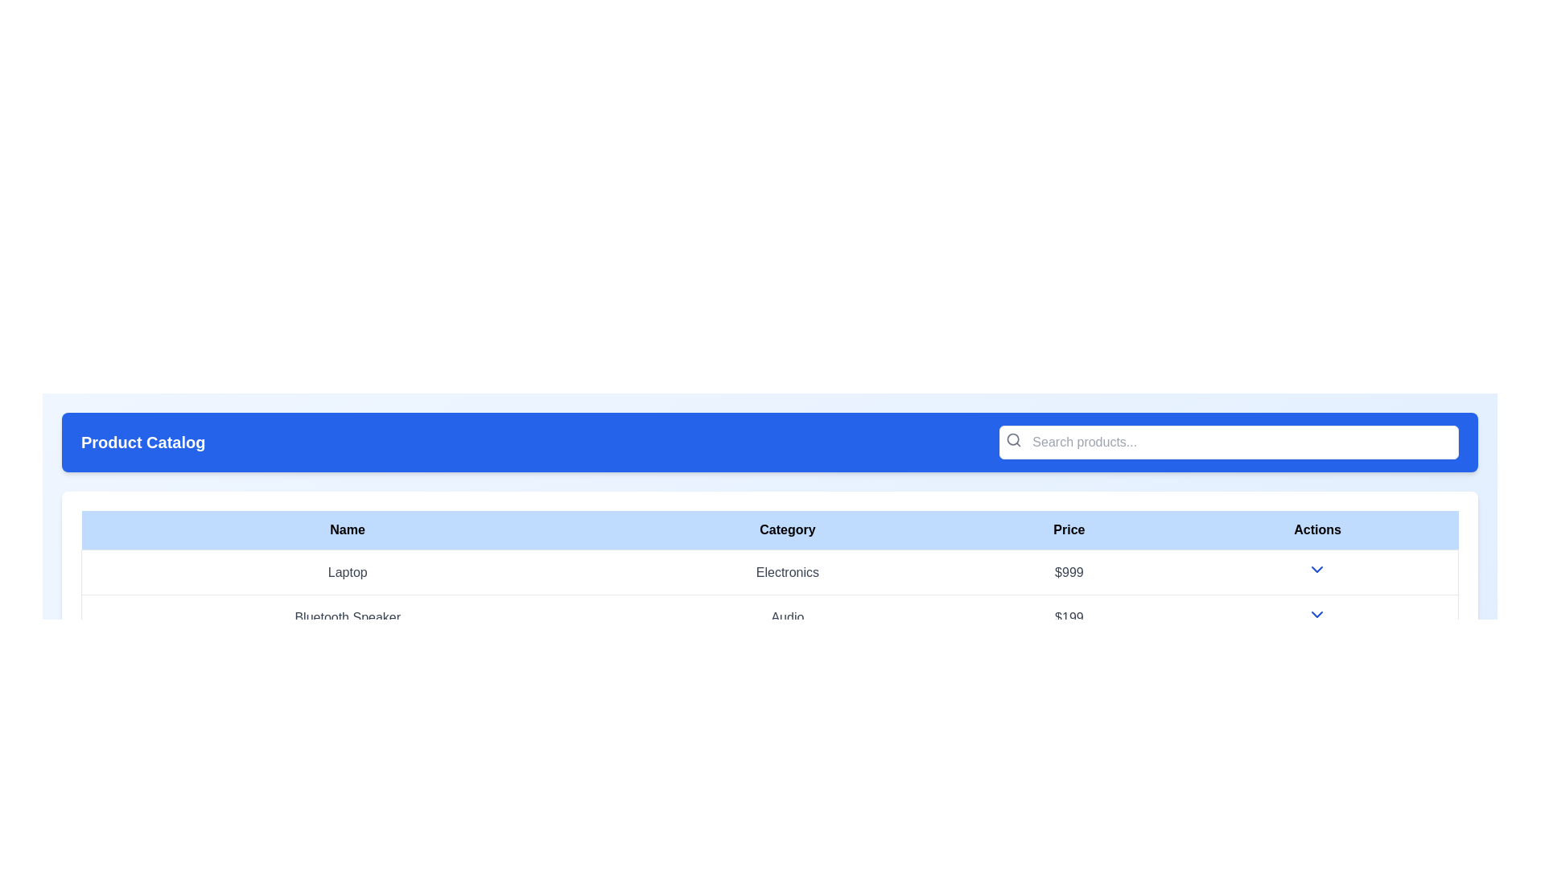  What do you see at coordinates (1317, 614) in the screenshot?
I see `the downward-facing chevron-shaped interactive icon in the 'Actions' column of the second row` at bounding box center [1317, 614].